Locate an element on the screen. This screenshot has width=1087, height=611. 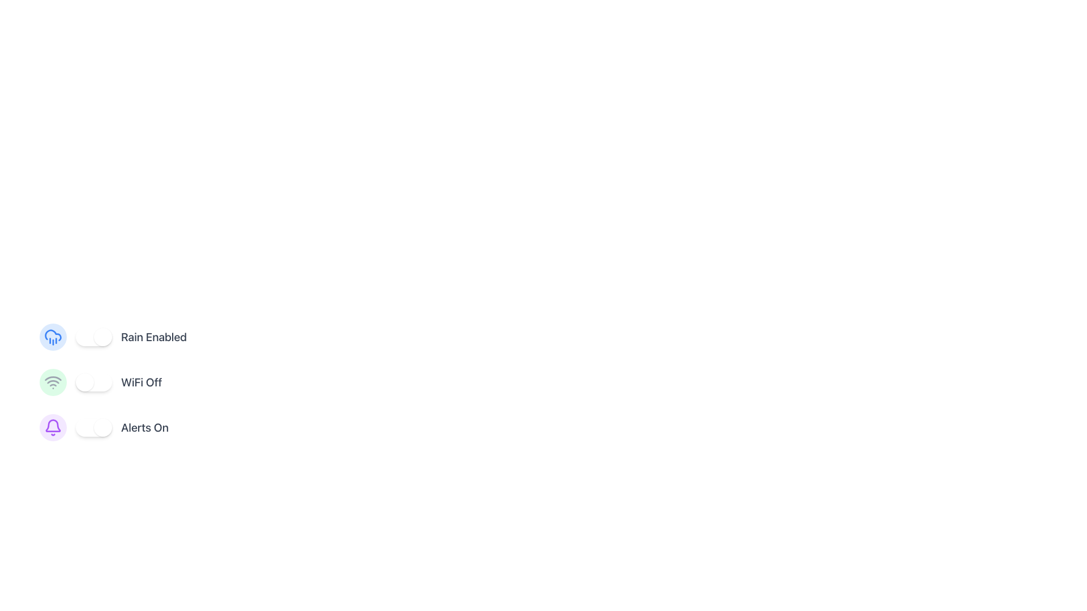
the 'Rain Enabled' icon located at the top of the vertical list of icons, which serves as a visual cue for the adjacent toggle switch is located at coordinates (53, 337).